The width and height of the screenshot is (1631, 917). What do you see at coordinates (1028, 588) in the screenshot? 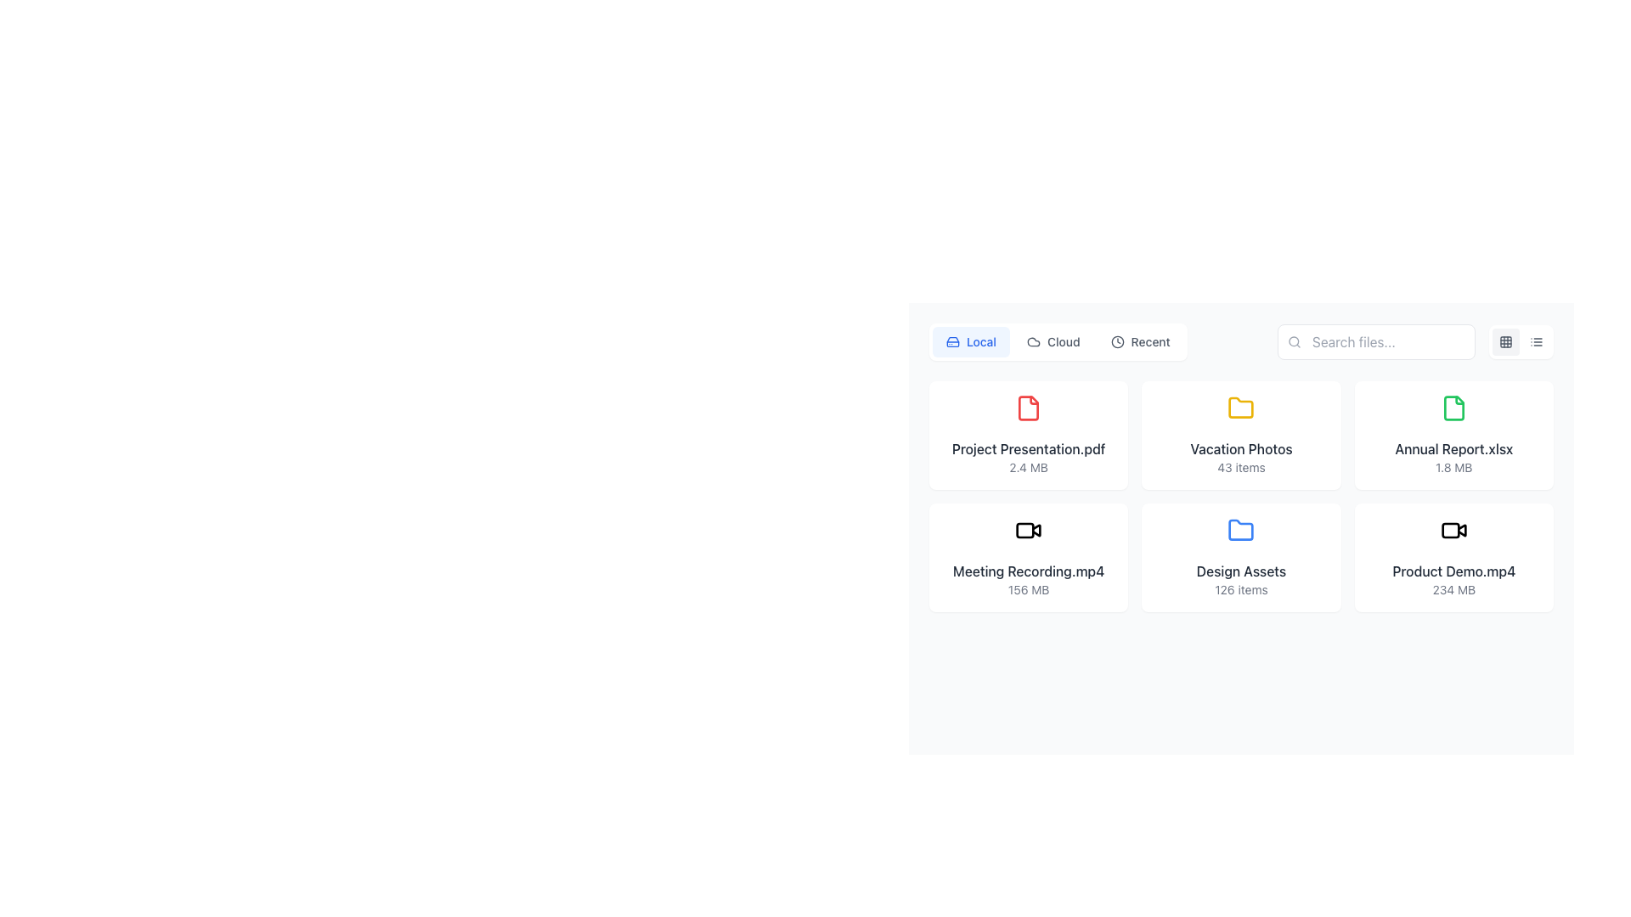
I see `the text label displaying the size of the file 'Meeting Recording.mp4', located below the text 'Meeting Recording.mp4' in the file card` at bounding box center [1028, 588].